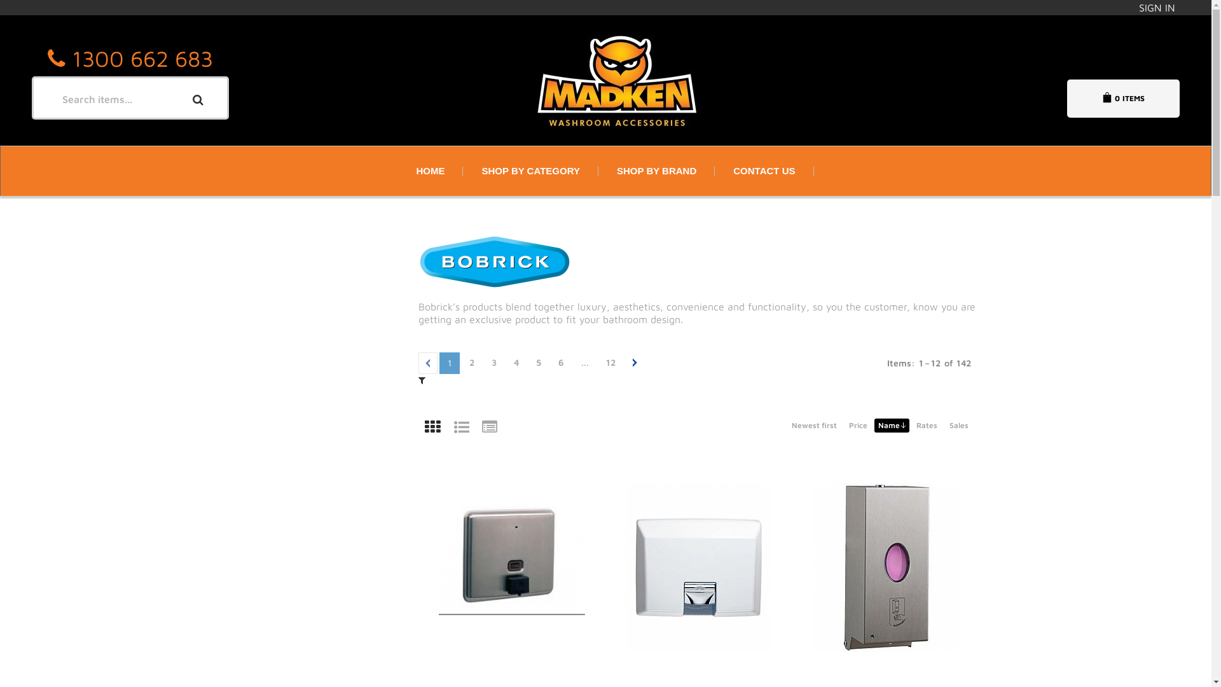 This screenshot has width=1221, height=687. Describe the element at coordinates (430, 170) in the screenshot. I see `'HOME'` at that location.